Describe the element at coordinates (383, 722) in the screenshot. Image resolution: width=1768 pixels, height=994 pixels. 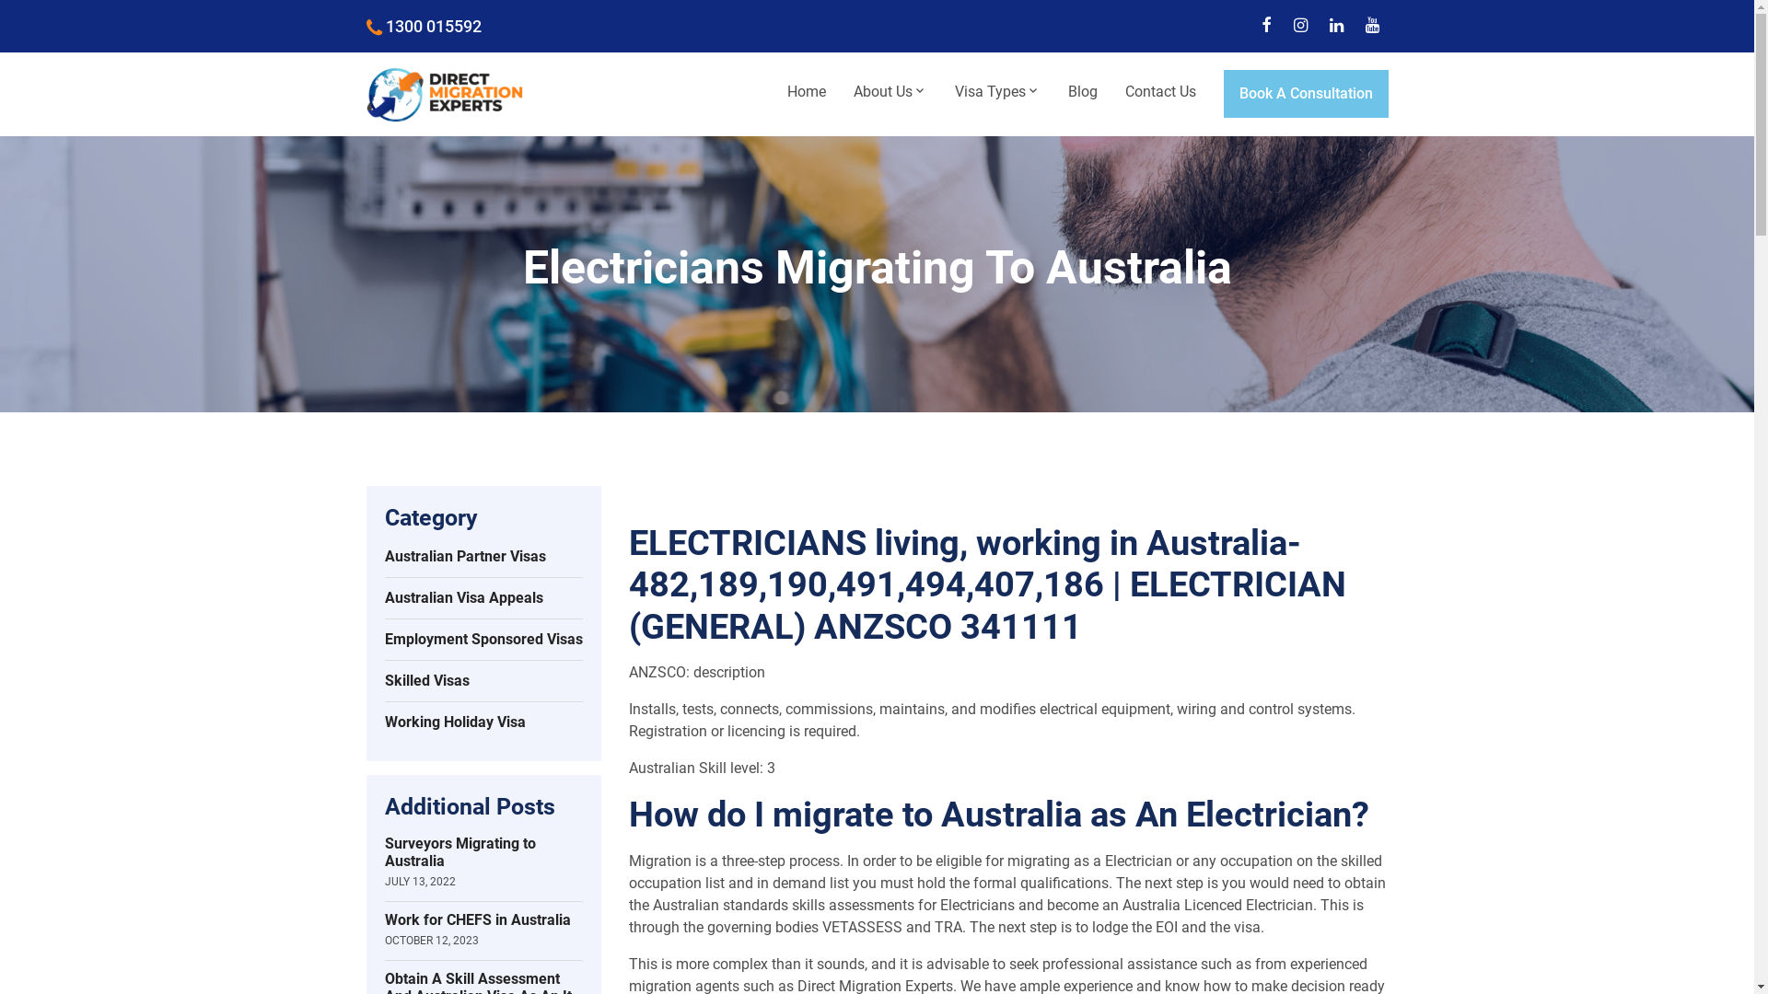
I see `'Working Holiday Visa'` at that location.